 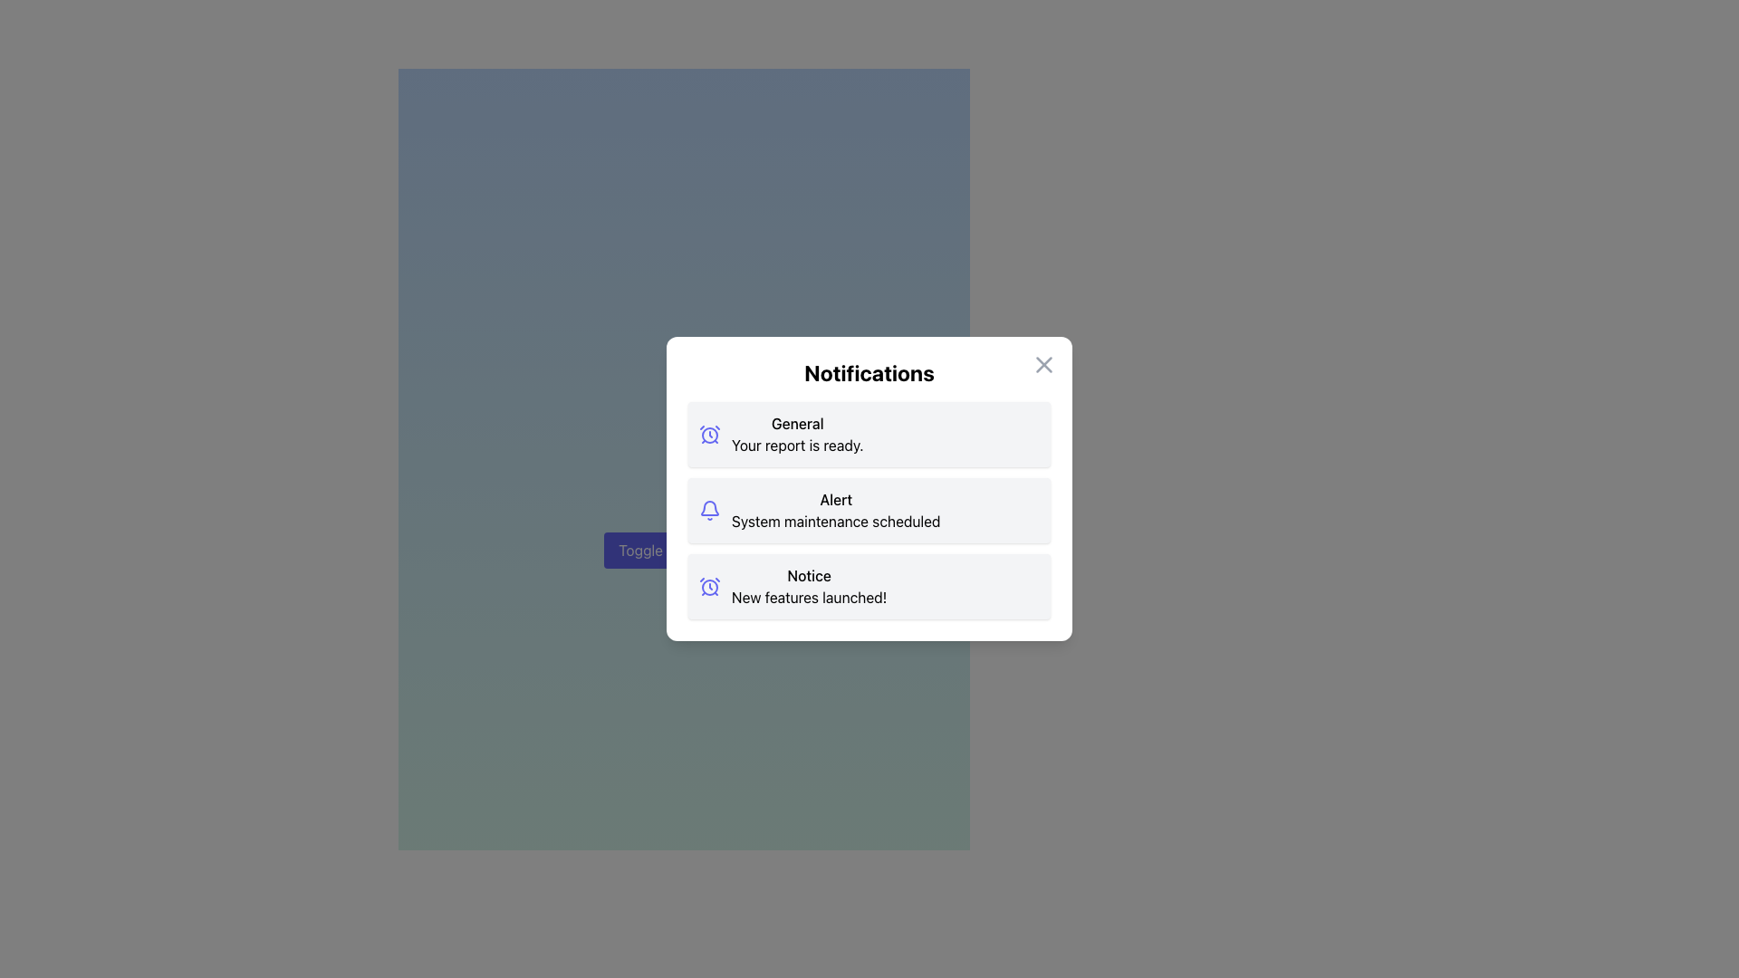 I want to click on text from the first notification message displayed in the 'Notifications' modal window, which is centrally aligned horizontally and positioned near the top, so click(x=797, y=434).